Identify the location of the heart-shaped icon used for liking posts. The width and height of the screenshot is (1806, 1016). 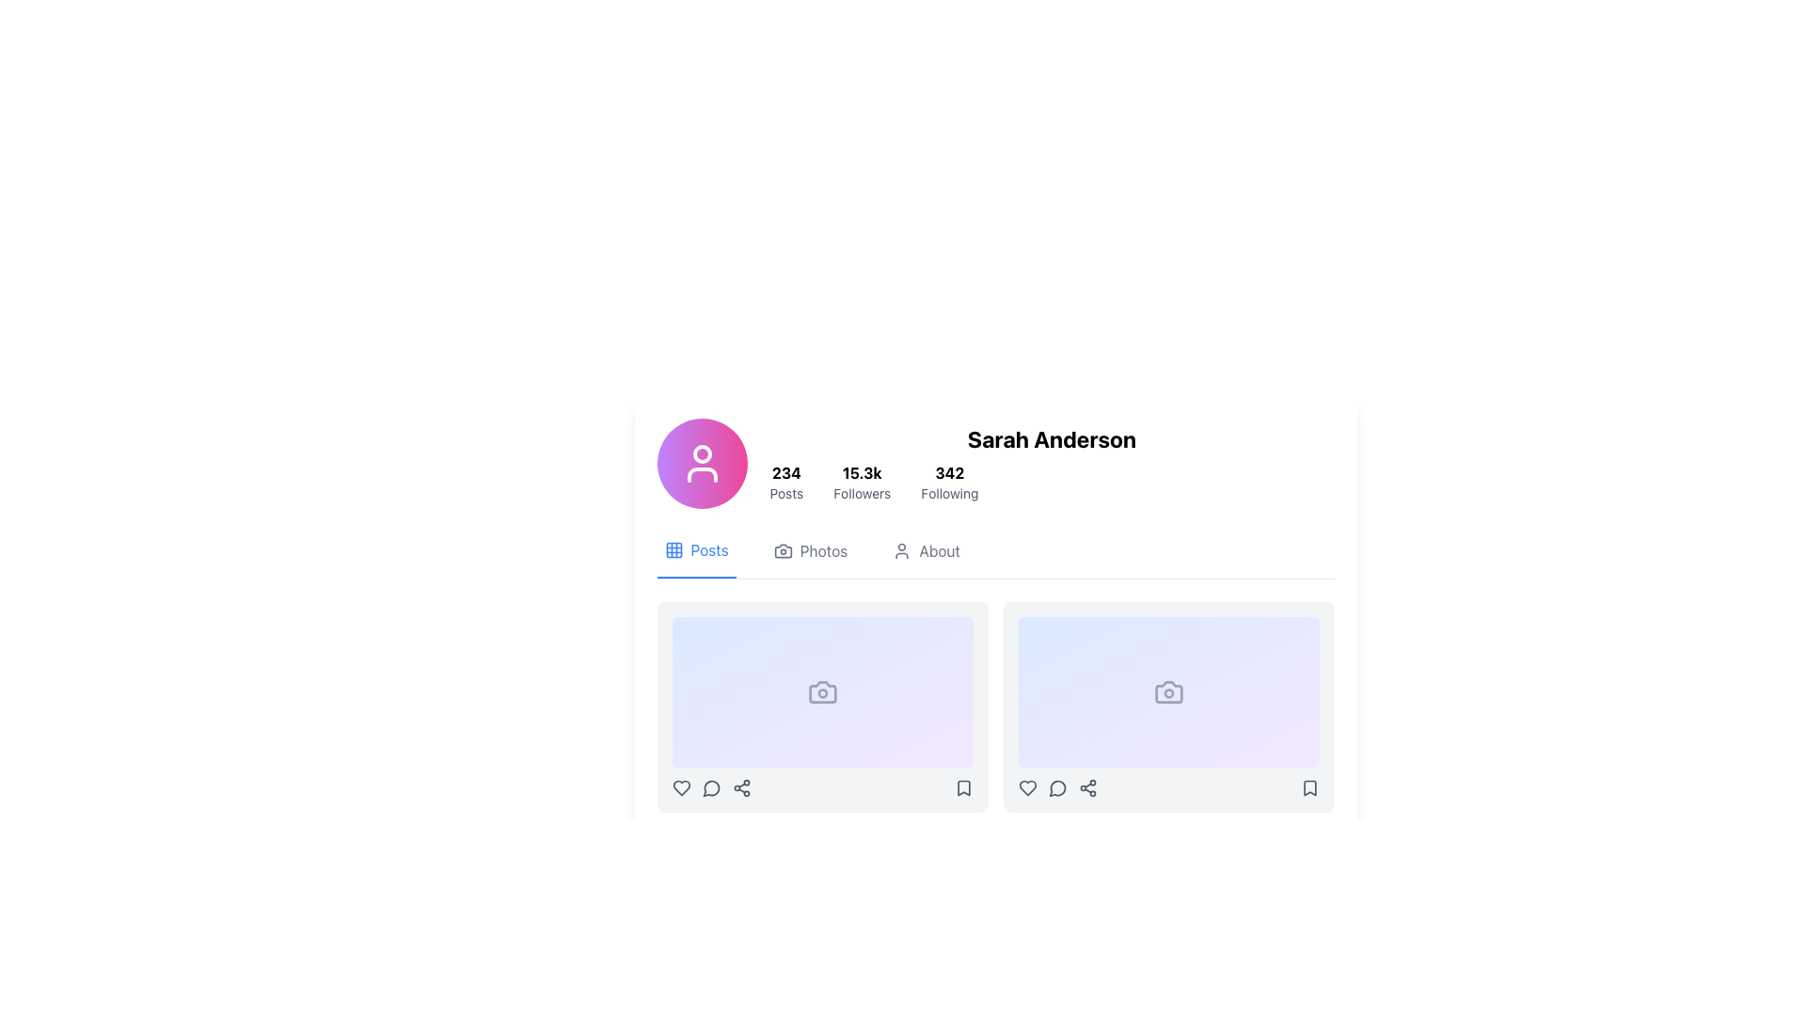
(680, 787).